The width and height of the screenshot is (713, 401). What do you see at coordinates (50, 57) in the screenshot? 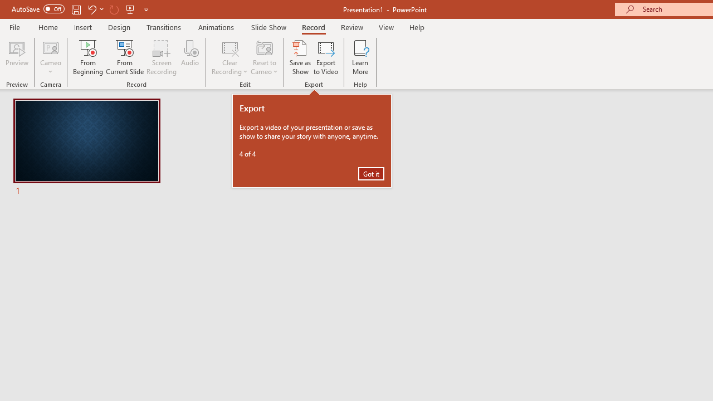
I see `'Cameo'` at bounding box center [50, 57].